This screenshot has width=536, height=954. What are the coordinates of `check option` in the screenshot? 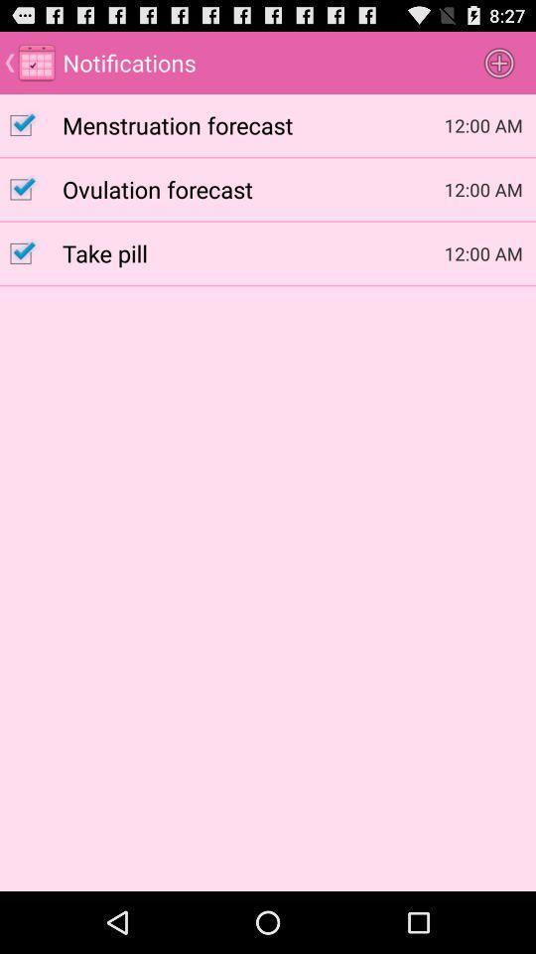 It's located at (30, 189).